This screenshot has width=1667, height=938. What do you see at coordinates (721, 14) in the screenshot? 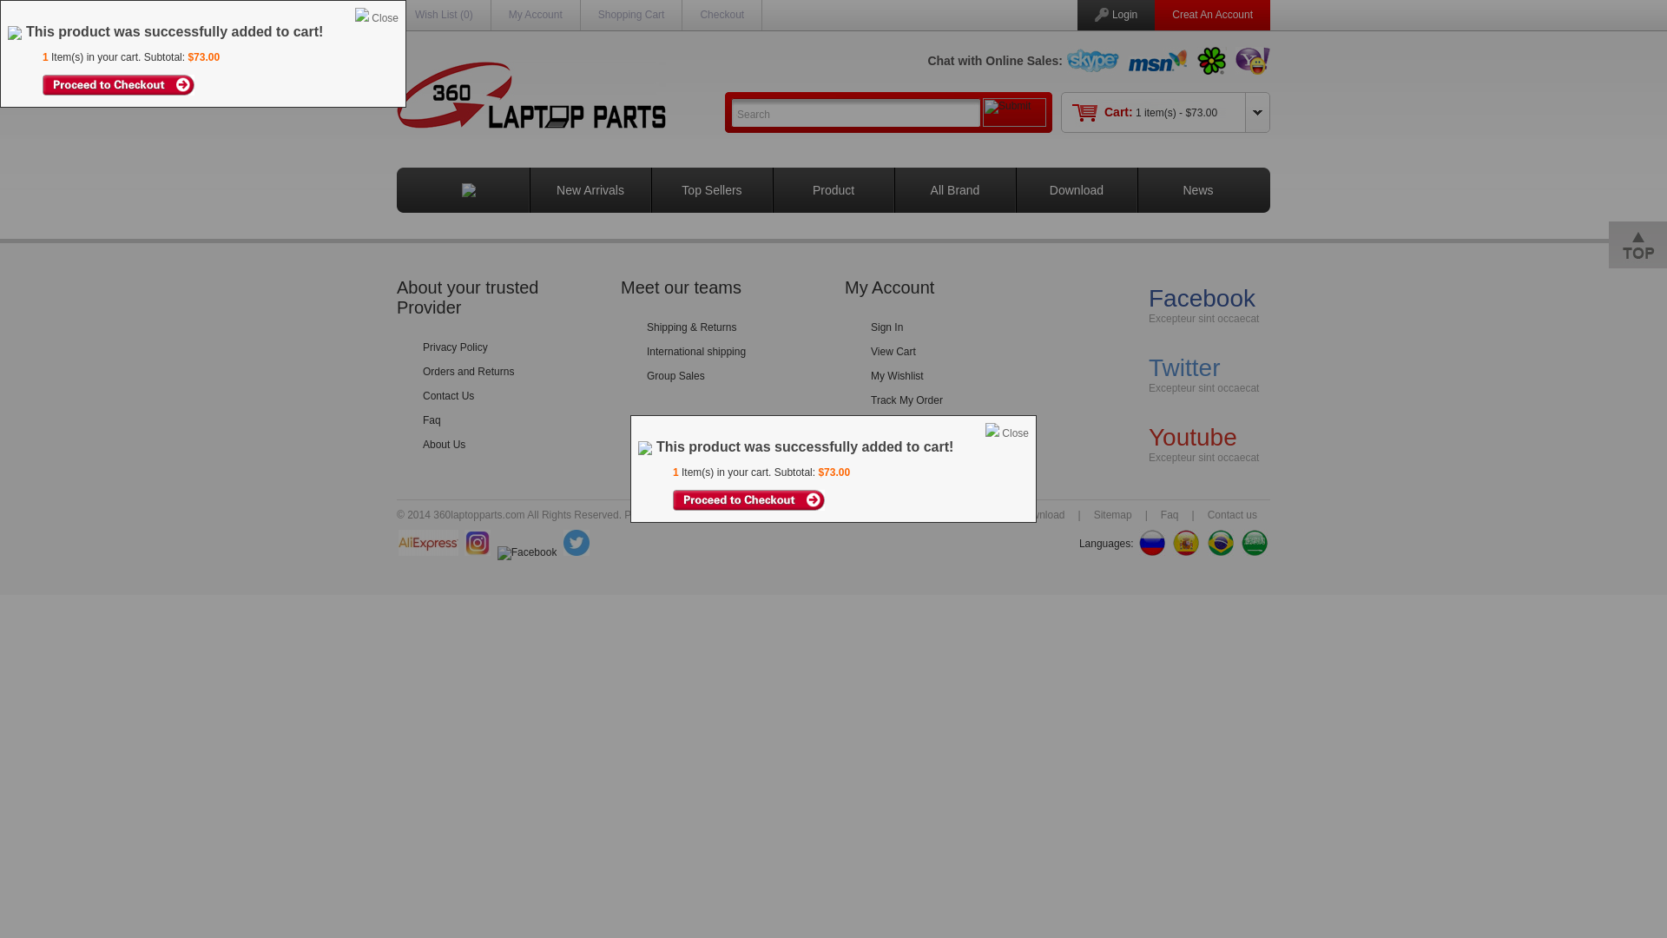
I see `'Checkout'` at bounding box center [721, 14].